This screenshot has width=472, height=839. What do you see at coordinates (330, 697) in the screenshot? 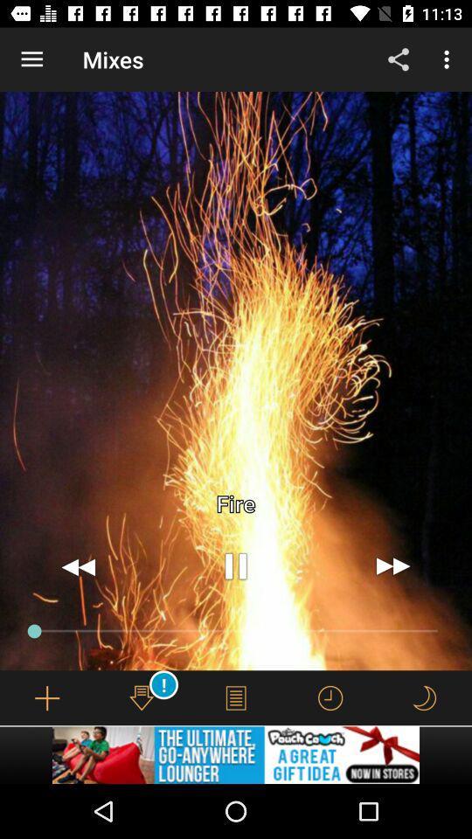
I see `set a timer` at bounding box center [330, 697].